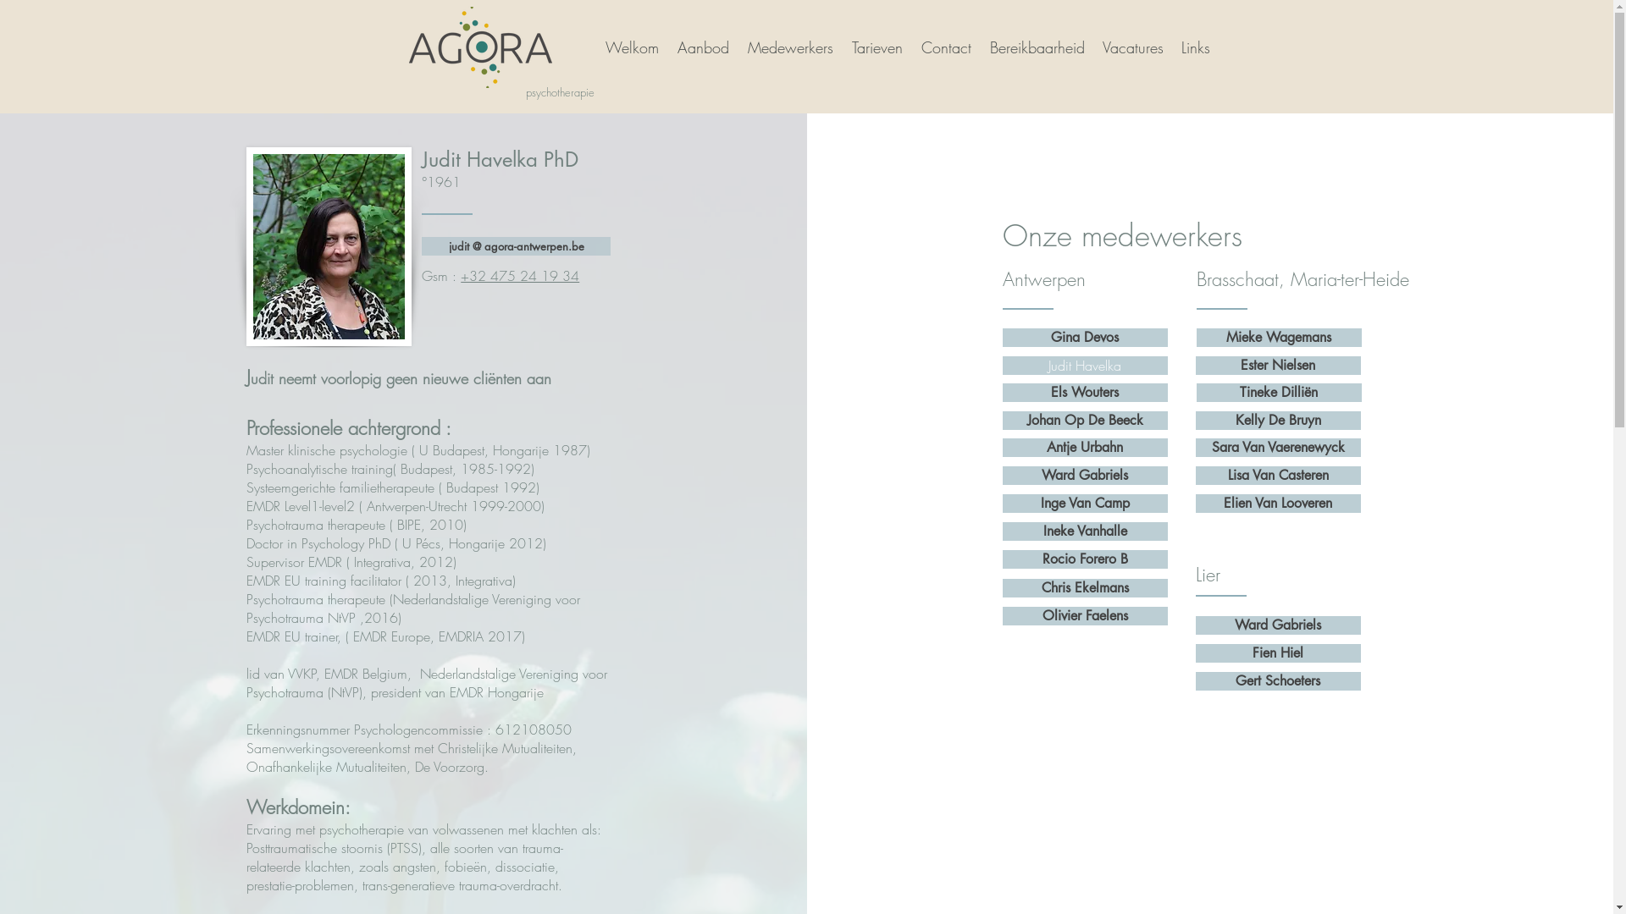 The image size is (1626, 914). What do you see at coordinates (594, 47) in the screenshot?
I see `'Welkom'` at bounding box center [594, 47].